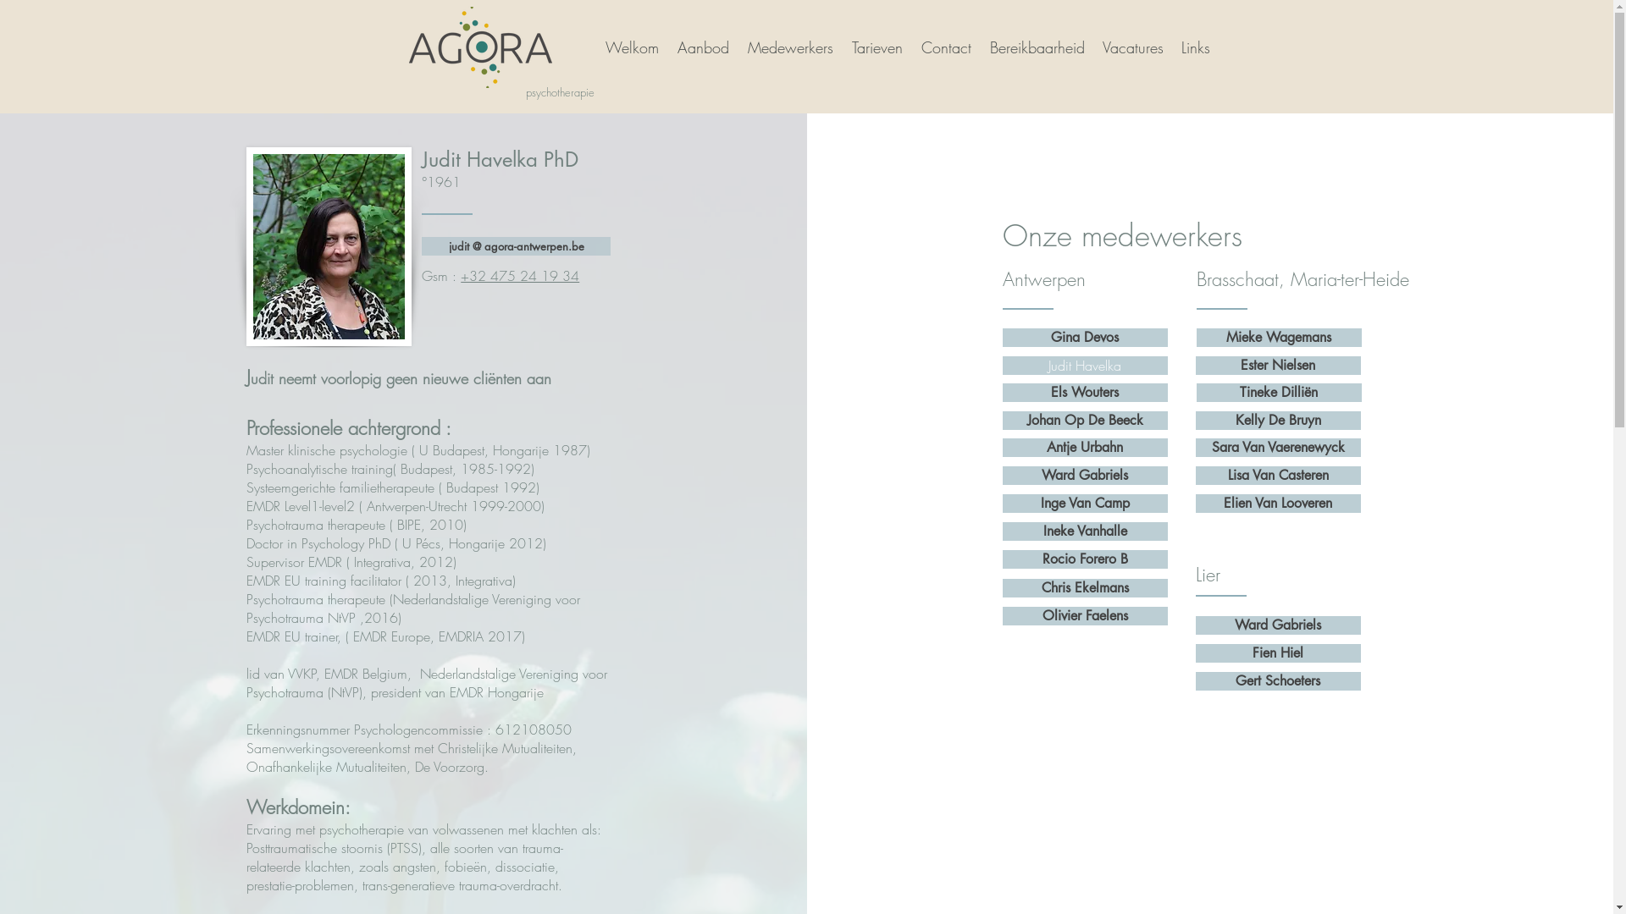 The image size is (1626, 914). What do you see at coordinates (594, 47) in the screenshot?
I see `'Welkom'` at bounding box center [594, 47].